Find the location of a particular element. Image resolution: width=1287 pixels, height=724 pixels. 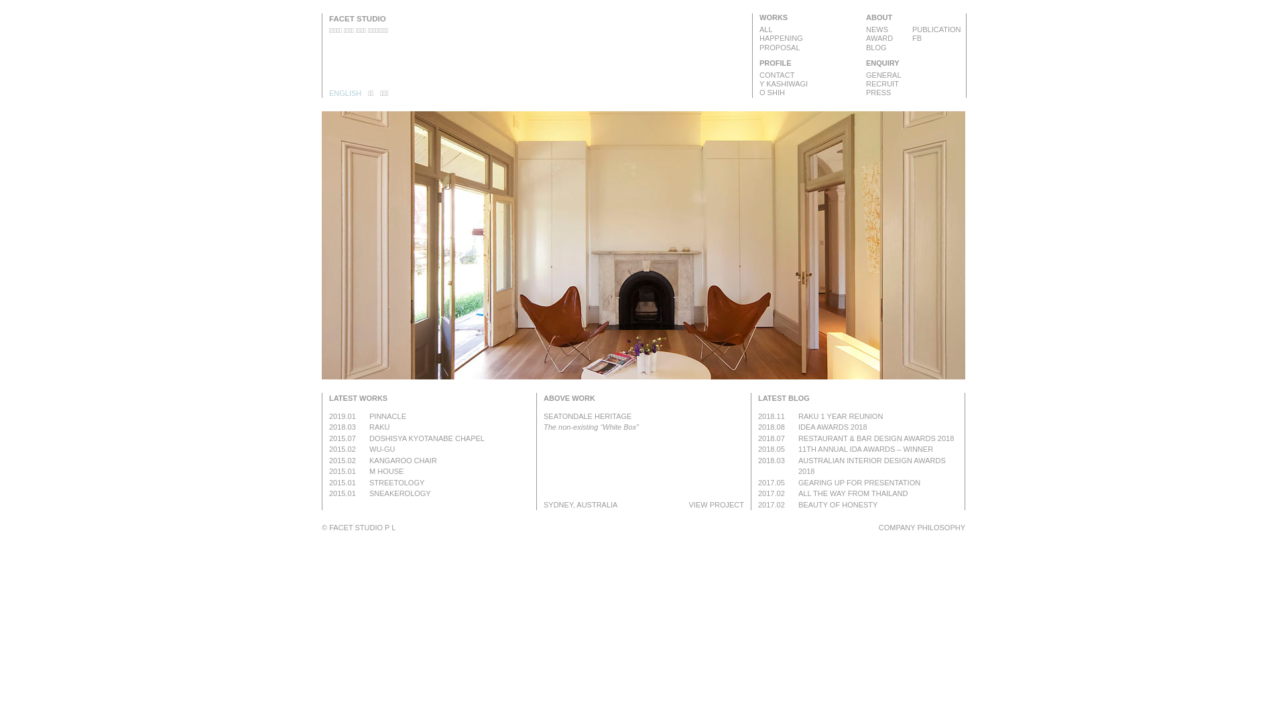

'RAKU 1 YEAR REUNION' is located at coordinates (798, 415).